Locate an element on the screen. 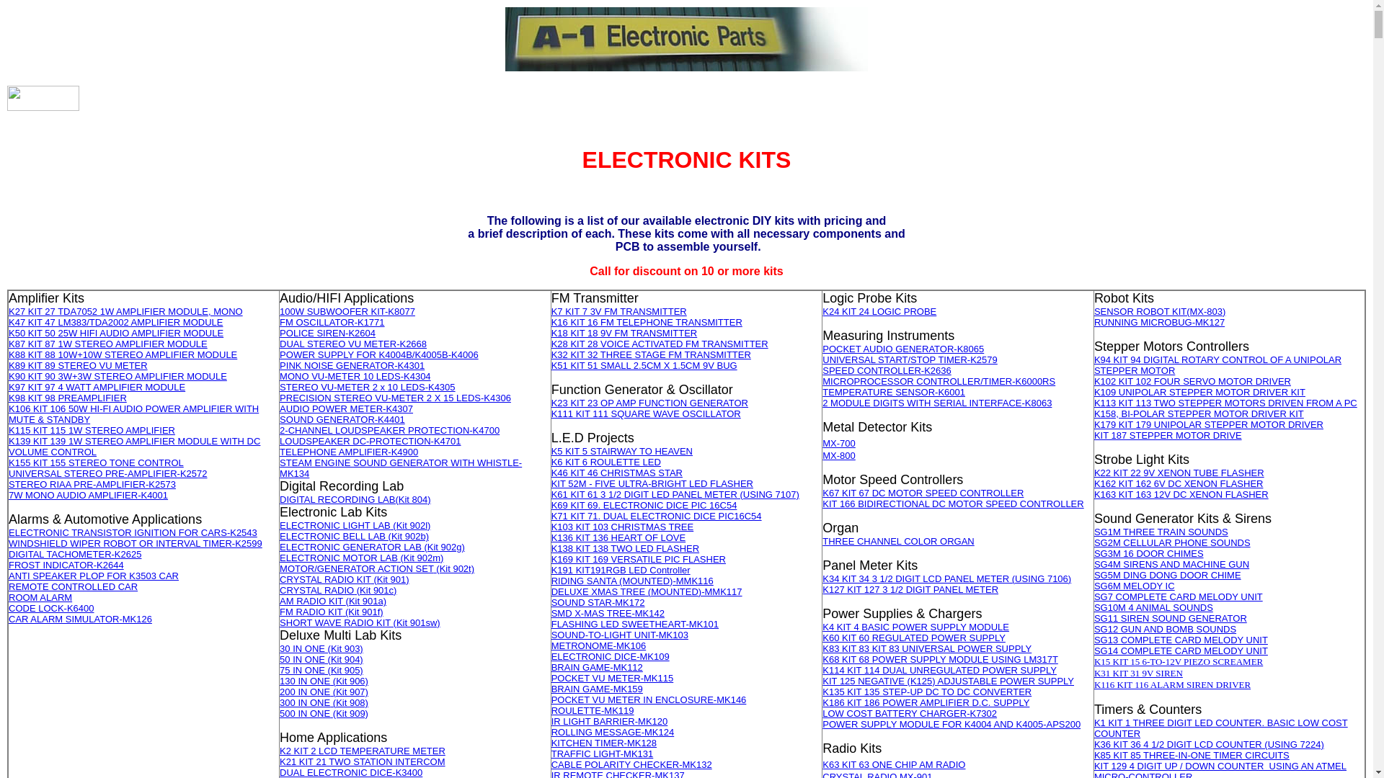 This screenshot has height=778, width=1384. 'K5 KIT 5 STAIRWAY TO HEAVEN' is located at coordinates (622, 450).